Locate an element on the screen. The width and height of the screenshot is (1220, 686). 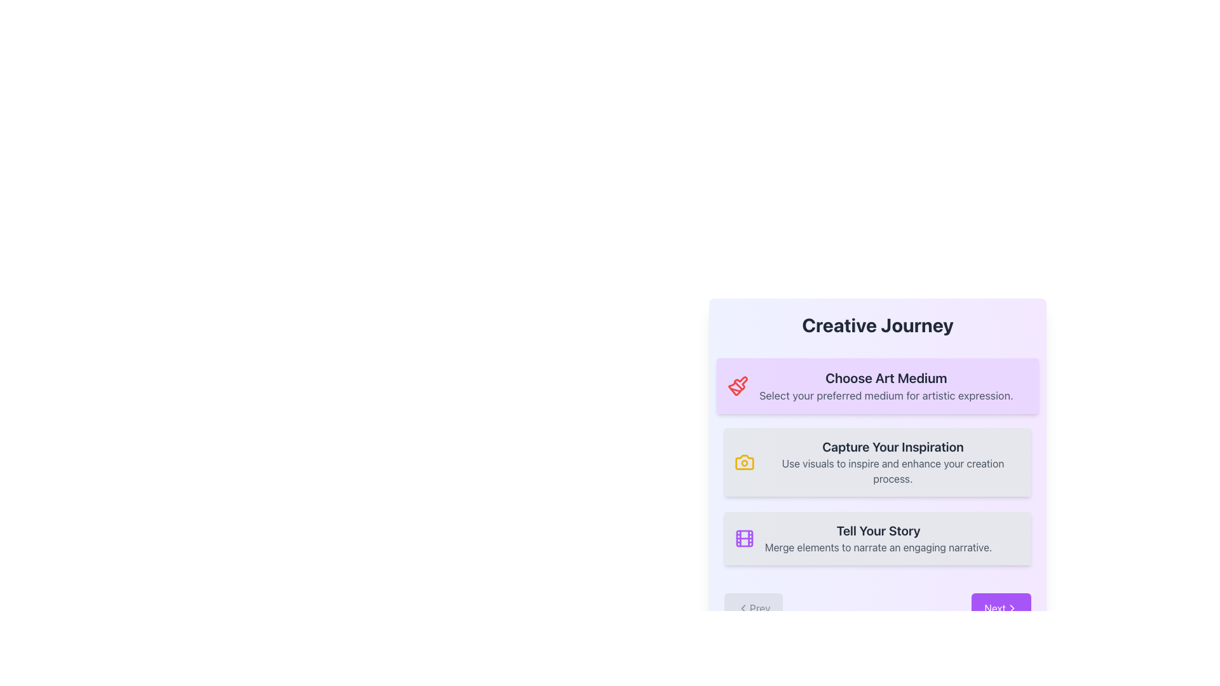
the 'Next' button on the navigation bar, which is located at the bottom of the card layout and has a vibrant purple background is located at coordinates (877, 607).